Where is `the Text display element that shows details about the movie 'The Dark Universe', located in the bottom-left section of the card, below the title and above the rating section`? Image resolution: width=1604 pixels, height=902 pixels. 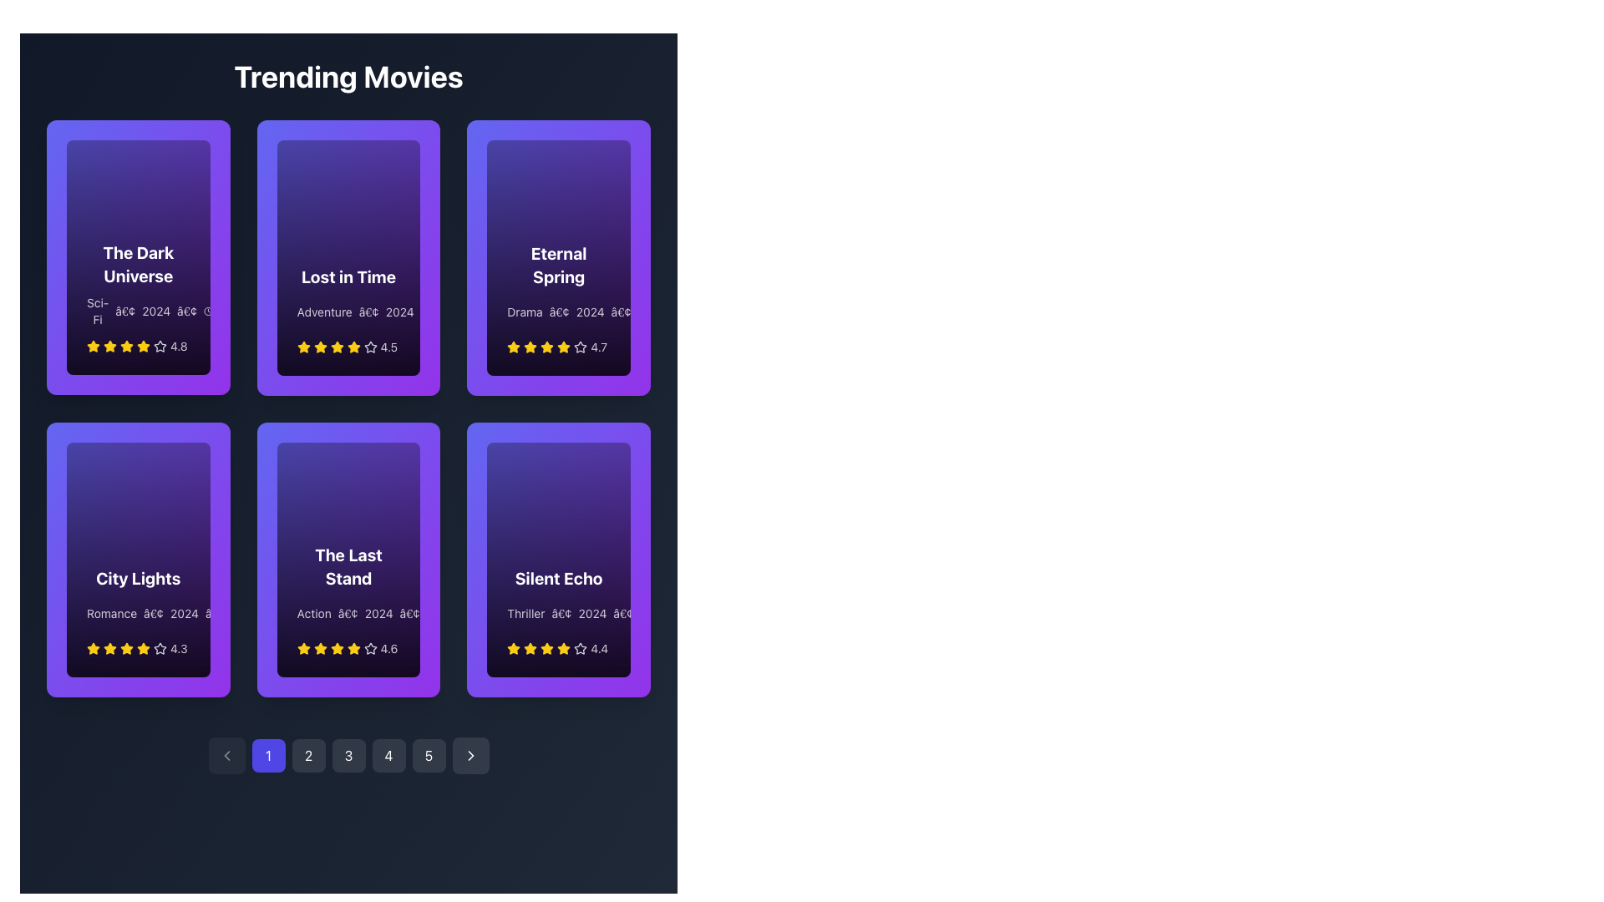 the Text display element that shows details about the movie 'The Dark Universe', located in the bottom-left section of the card, below the title and above the rating section is located at coordinates (138, 312).